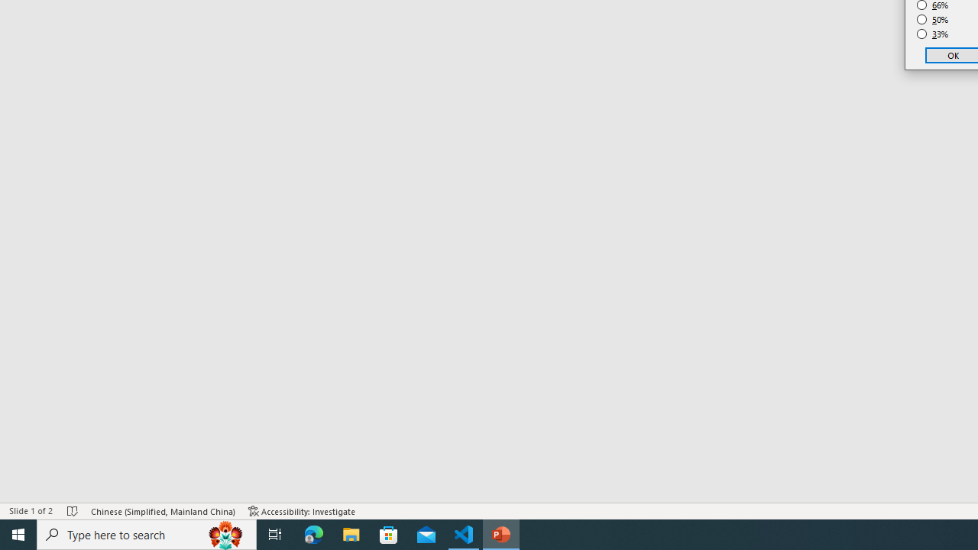  What do you see at coordinates (932, 19) in the screenshot?
I see `'50%'` at bounding box center [932, 19].